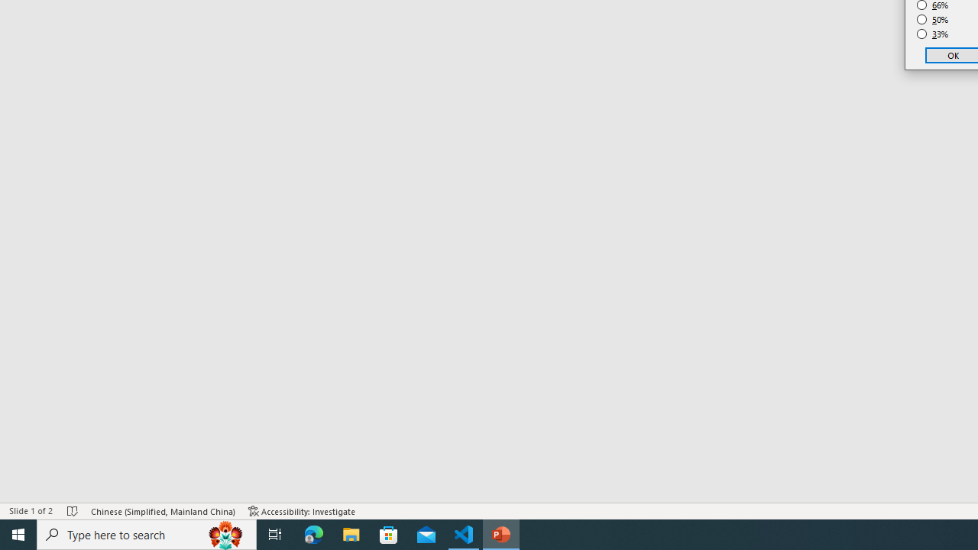  What do you see at coordinates (932, 19) in the screenshot?
I see `'50%'` at bounding box center [932, 19].